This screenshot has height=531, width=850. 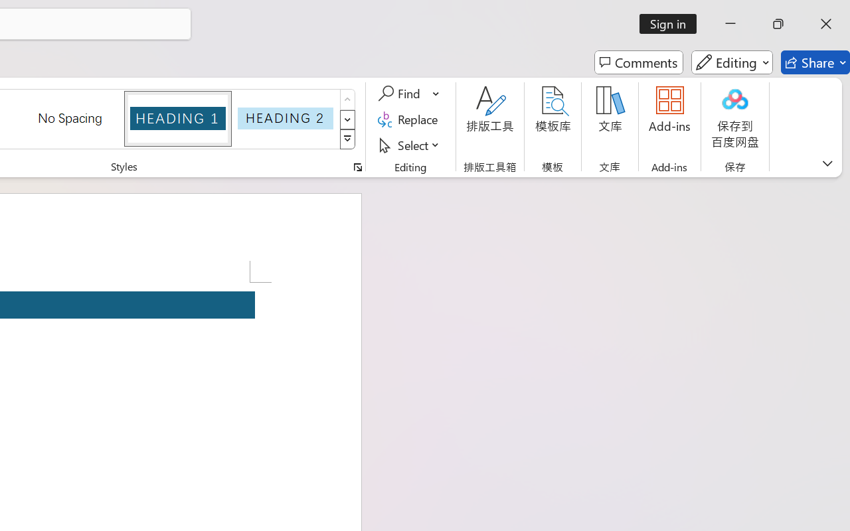 I want to click on 'Editing', so click(x=731, y=62).